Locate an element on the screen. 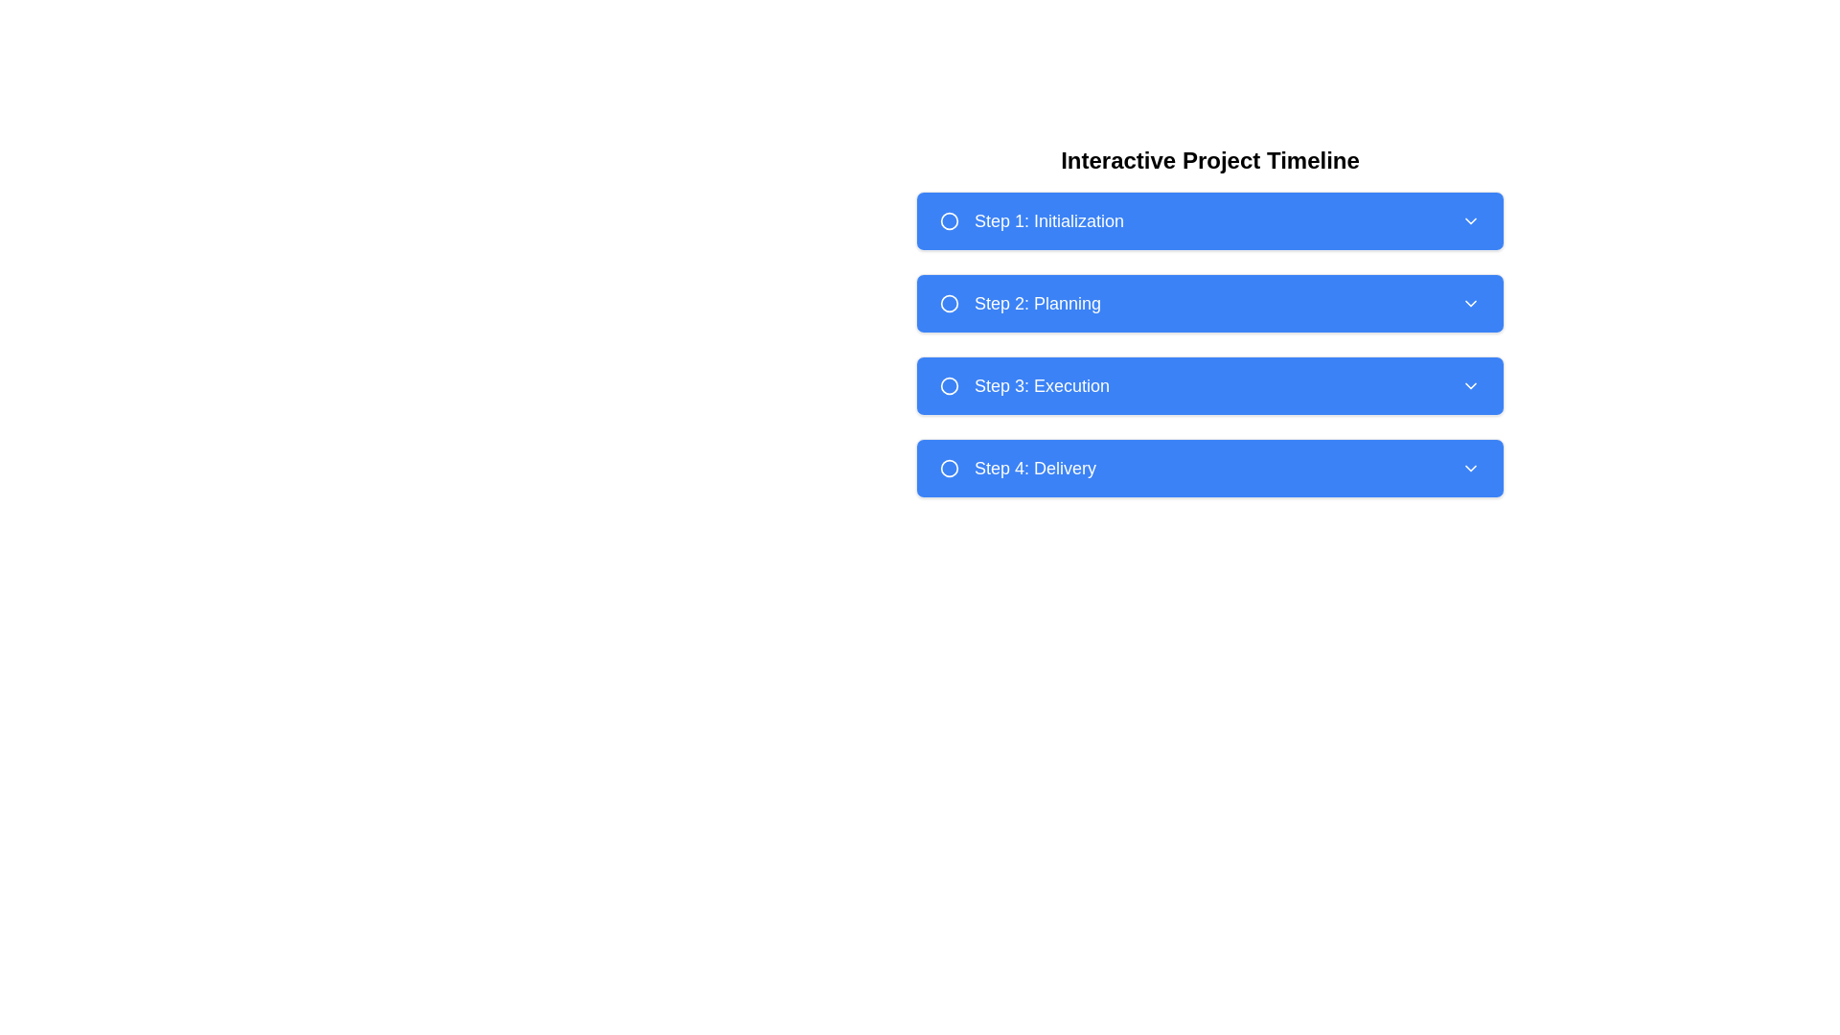 The height and width of the screenshot is (1035, 1840). the text label indicating the current stage of the process as 'Execution', part of the third entry in a vertically aligned list of steps is located at coordinates (1041, 385).